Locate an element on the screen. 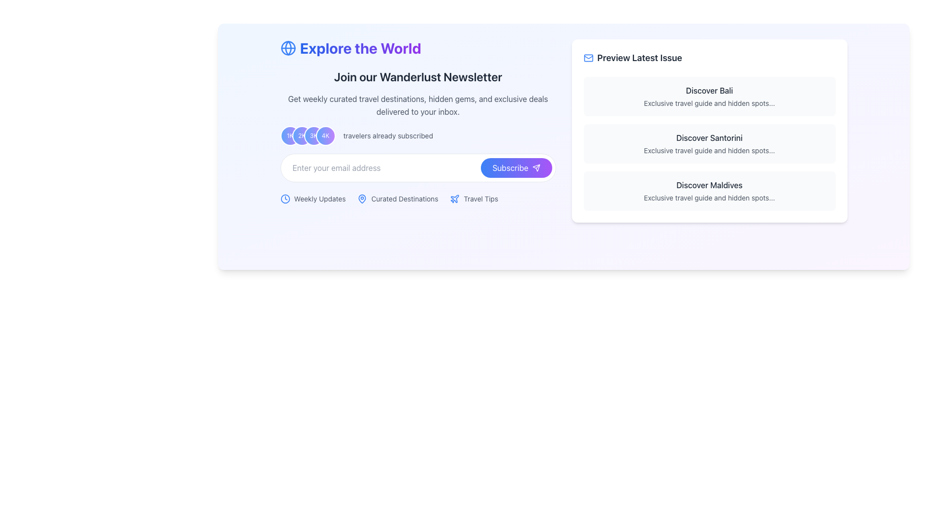 Image resolution: width=945 pixels, height=532 pixels. the envelope icon which is centrally located within the envelope graphic, adjacent to the 'Subscribe' button is located at coordinates (588, 57).